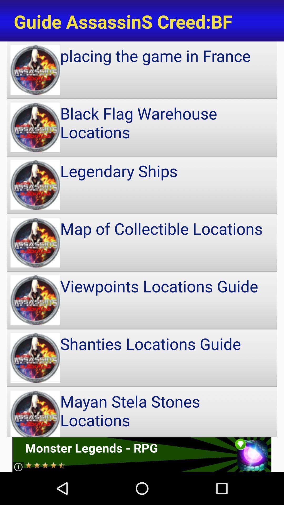  I want to click on icon above the viewpoints locations guide, so click(142, 242).